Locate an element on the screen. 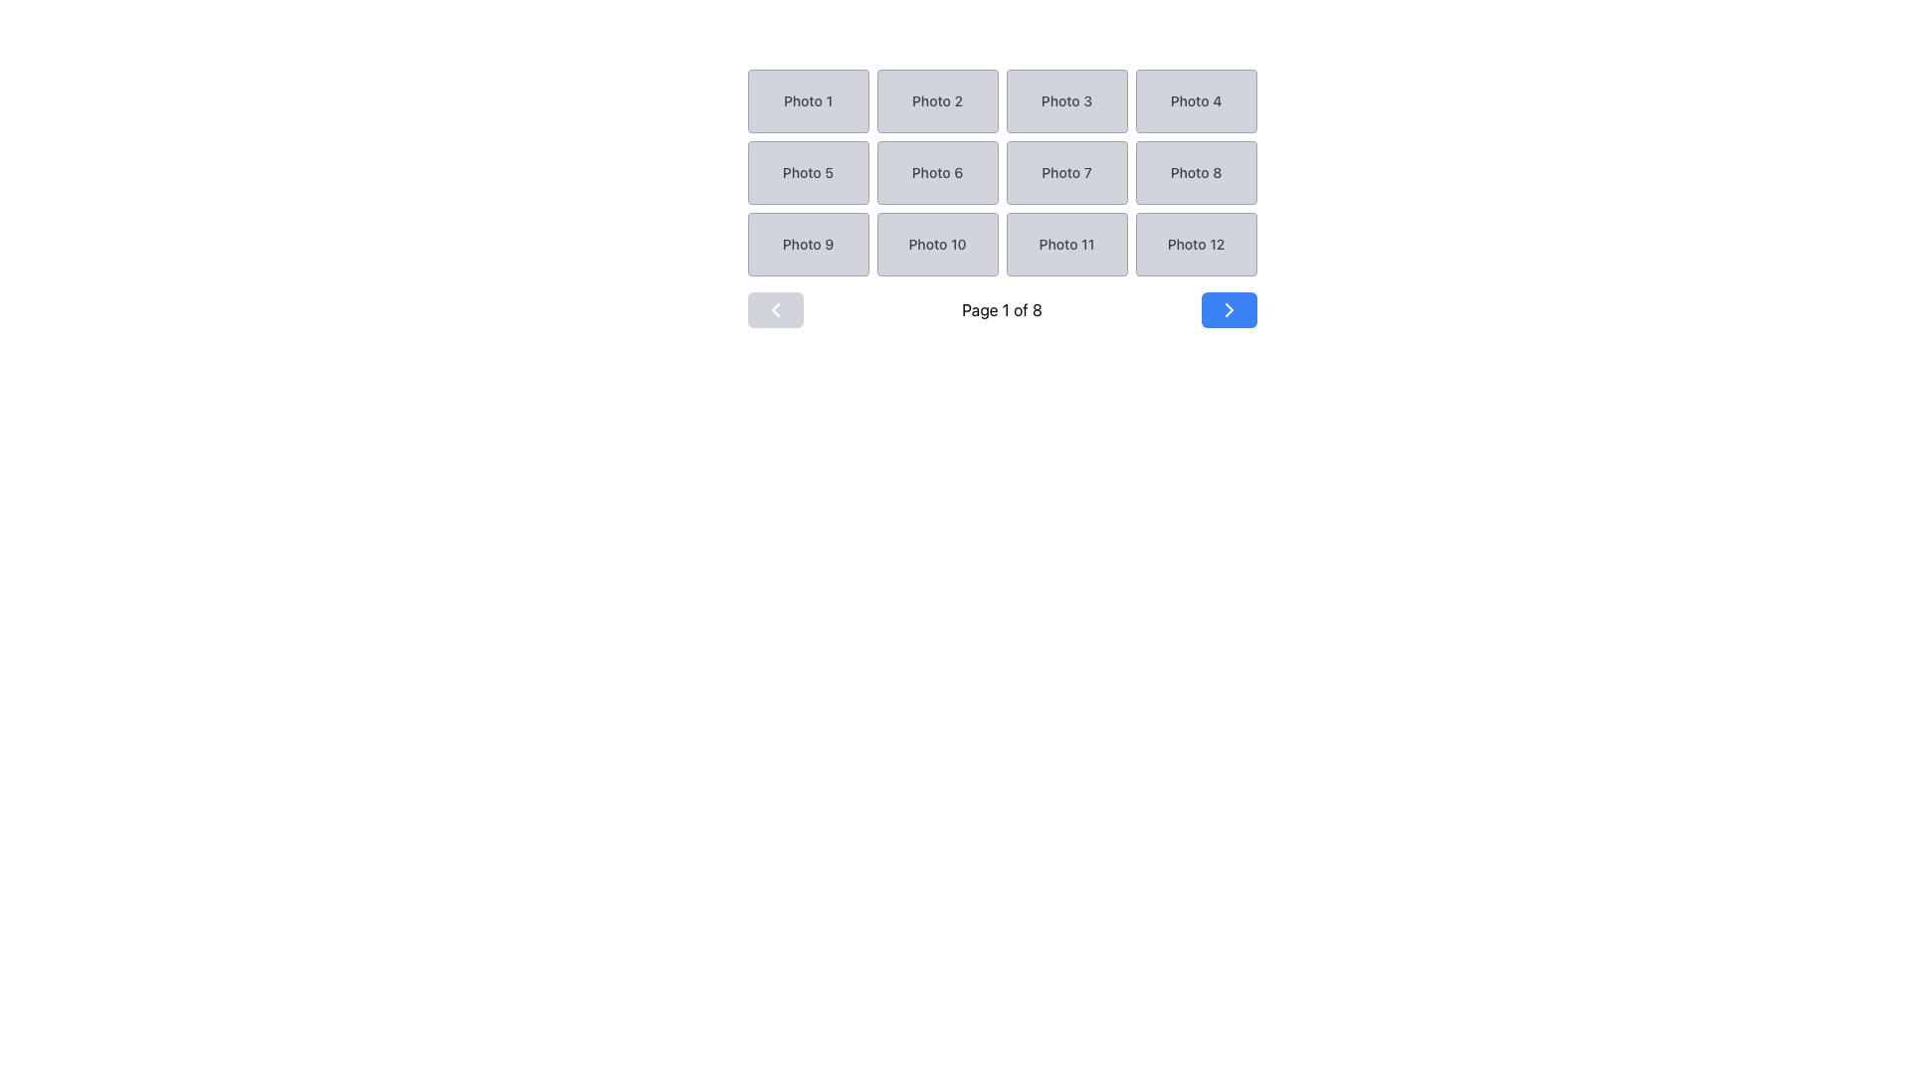 This screenshot has width=1910, height=1074. the button representing 'Photo 2' is located at coordinates (936, 100).